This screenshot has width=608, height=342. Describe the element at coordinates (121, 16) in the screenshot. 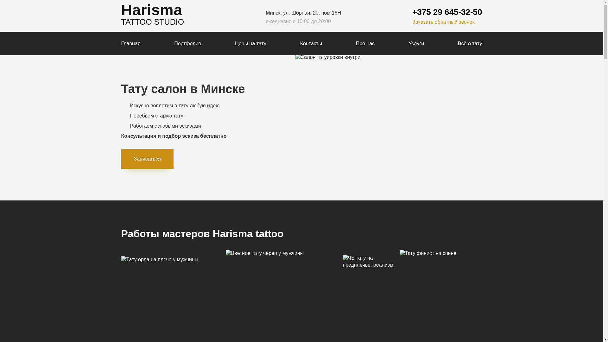

I see `'Harisma` at that location.